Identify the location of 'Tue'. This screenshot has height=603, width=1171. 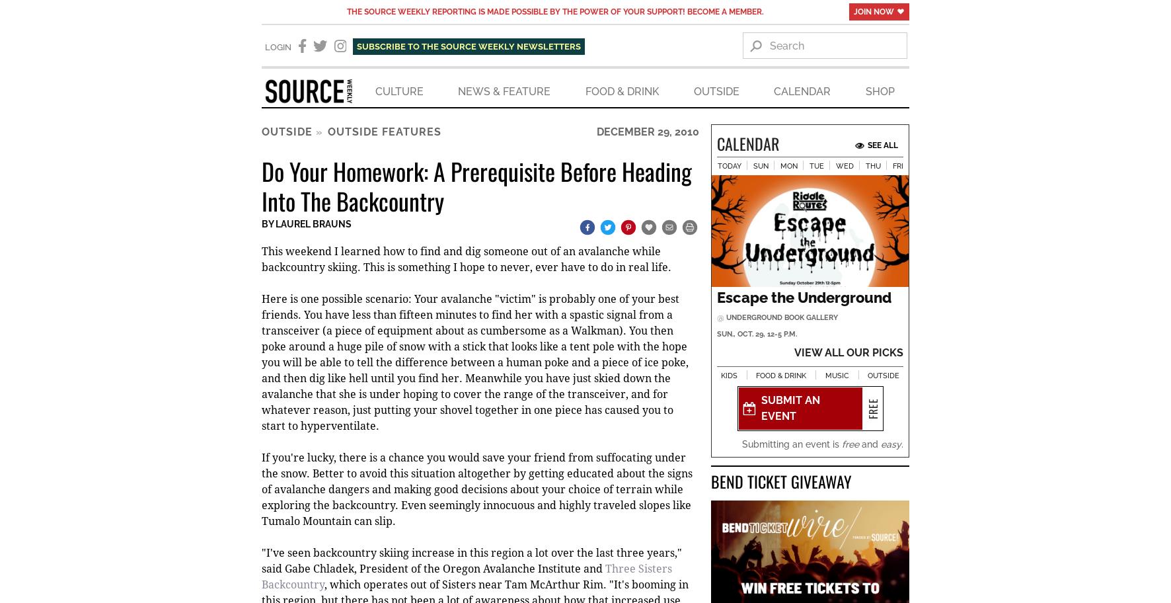
(816, 167).